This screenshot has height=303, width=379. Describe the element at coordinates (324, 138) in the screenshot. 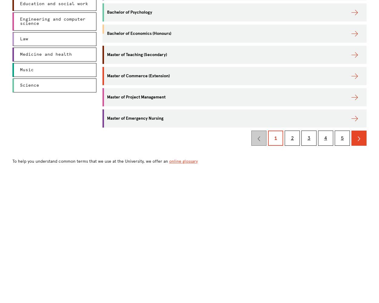

I see `'4'` at that location.